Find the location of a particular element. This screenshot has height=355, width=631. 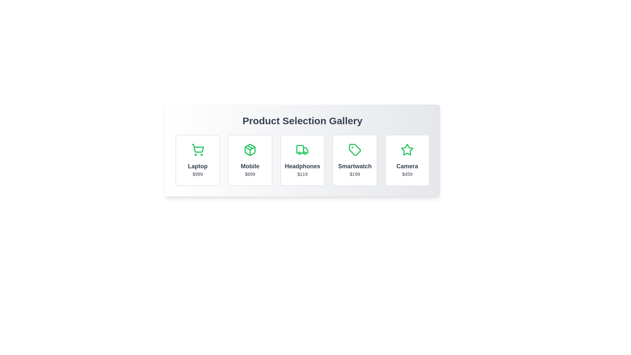

the smartwatch icon located centrally within the card in the product selection gallery is located at coordinates (354, 150).